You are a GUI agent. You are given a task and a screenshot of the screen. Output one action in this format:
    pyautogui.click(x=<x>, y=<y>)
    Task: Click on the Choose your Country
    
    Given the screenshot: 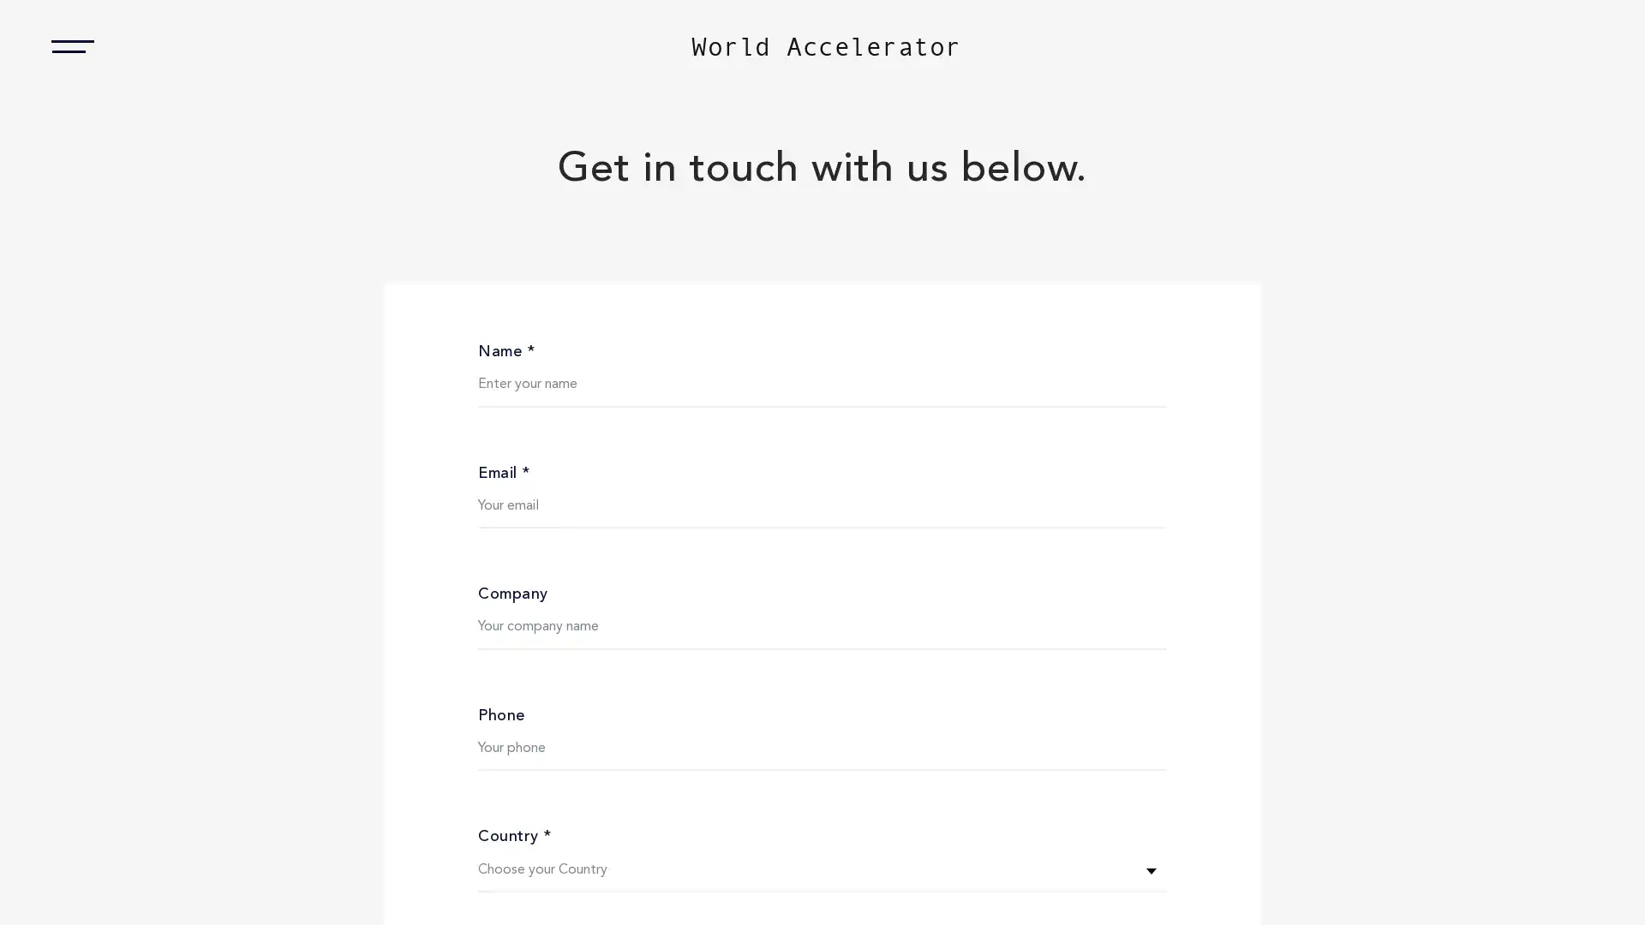 What is the action you would take?
    pyautogui.click(x=822, y=869)
    